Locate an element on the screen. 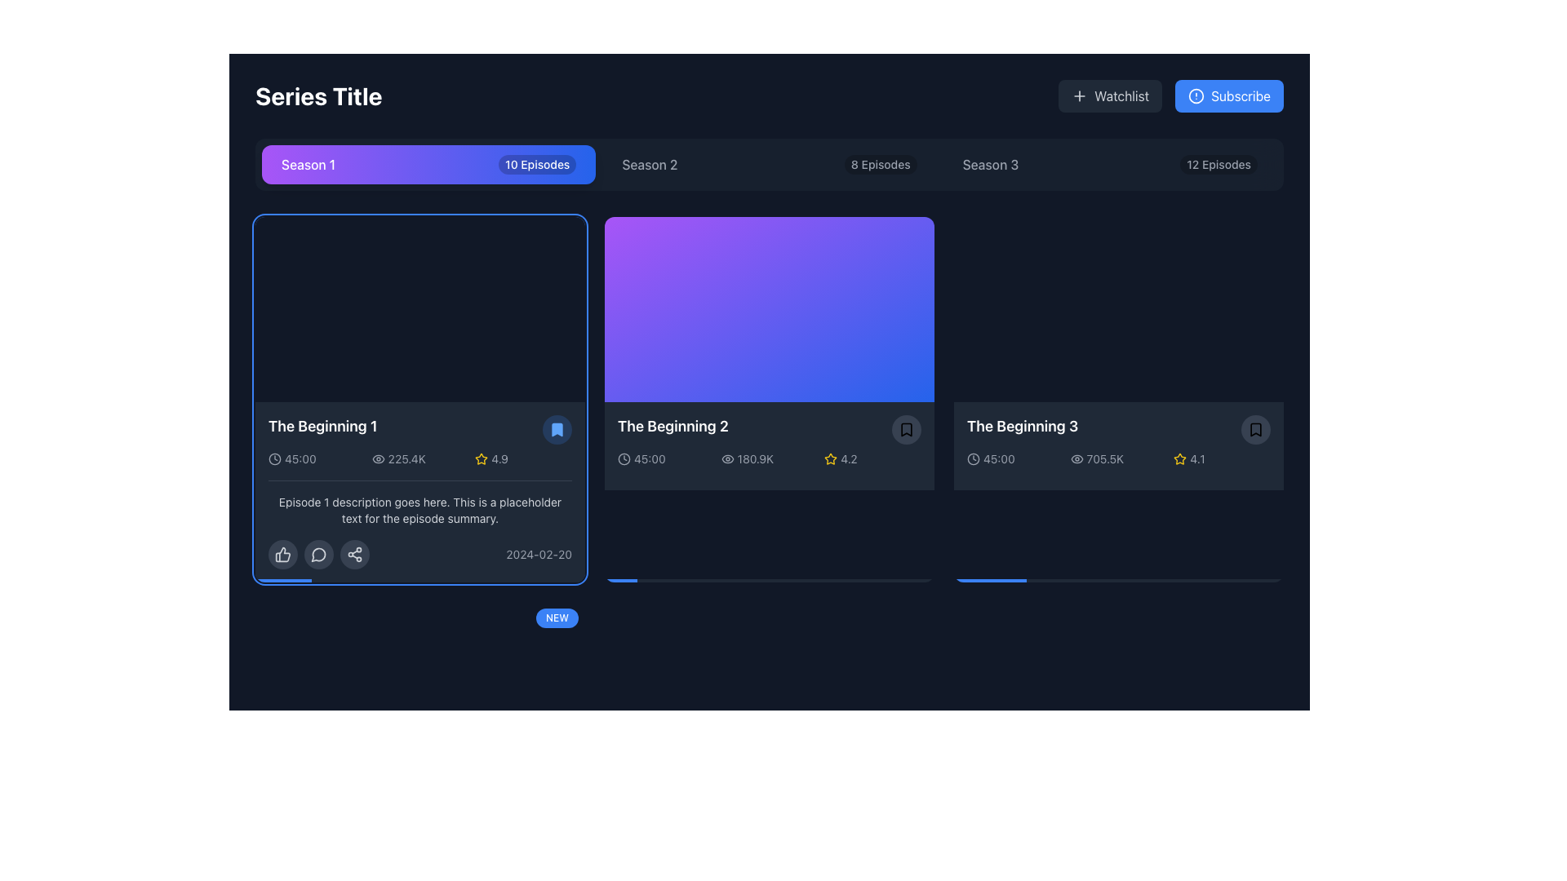 This screenshot has width=1567, height=881. the circular clock face element located within the SVG icon, positioned in the bottom left area below the thumbnail for 'The Beginning 1' is located at coordinates (623, 459).